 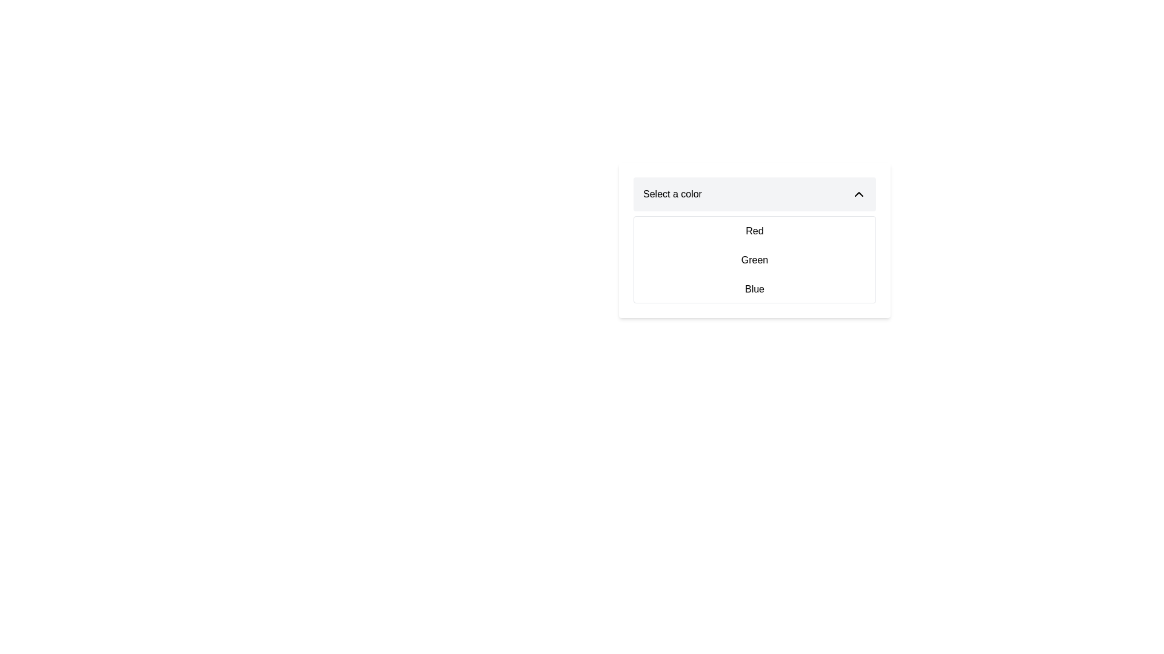 I want to click on the selectable menu item labeled 'Green' which is the second item in a vertical list of options, positioned directly below 'Red' and above 'Blue', so click(x=754, y=259).